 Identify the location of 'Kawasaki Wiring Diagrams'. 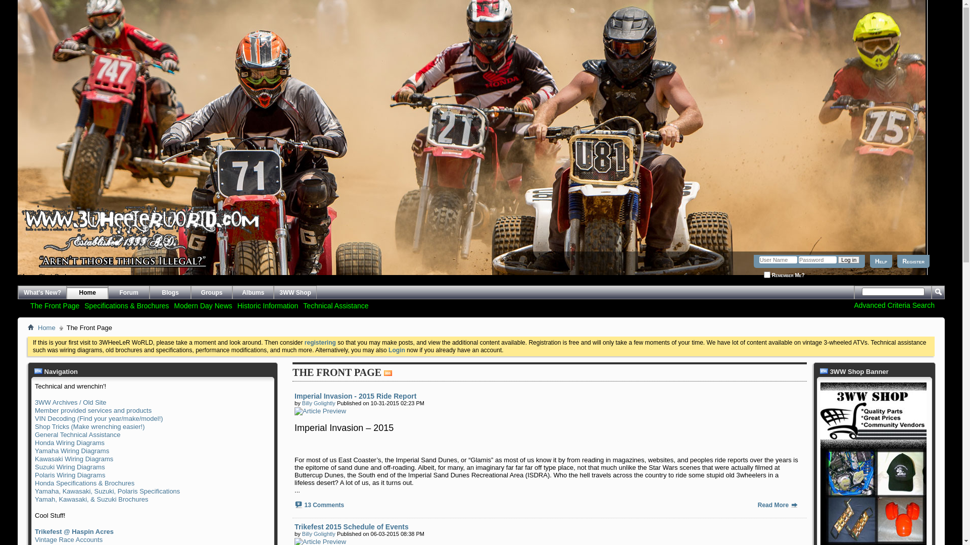
(73, 459).